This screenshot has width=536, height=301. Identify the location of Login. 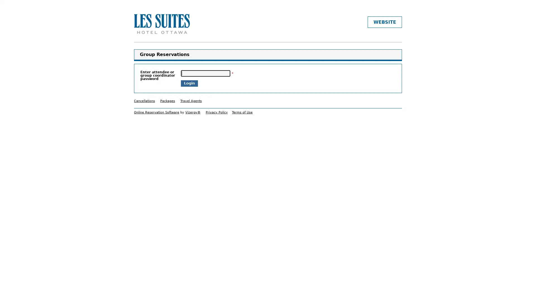
(189, 83).